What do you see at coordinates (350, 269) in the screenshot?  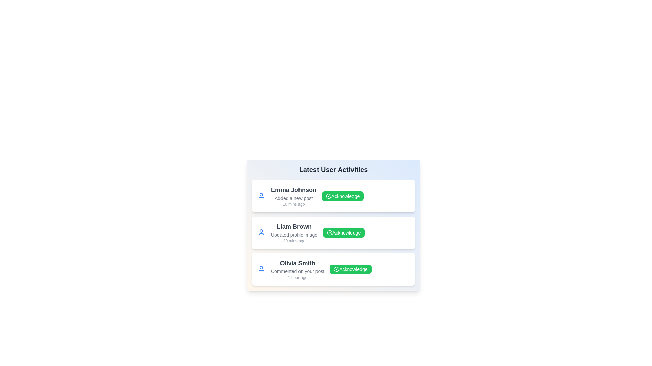 I see `the 'Acknowledge' button for the activity of Olivia Smith` at bounding box center [350, 269].